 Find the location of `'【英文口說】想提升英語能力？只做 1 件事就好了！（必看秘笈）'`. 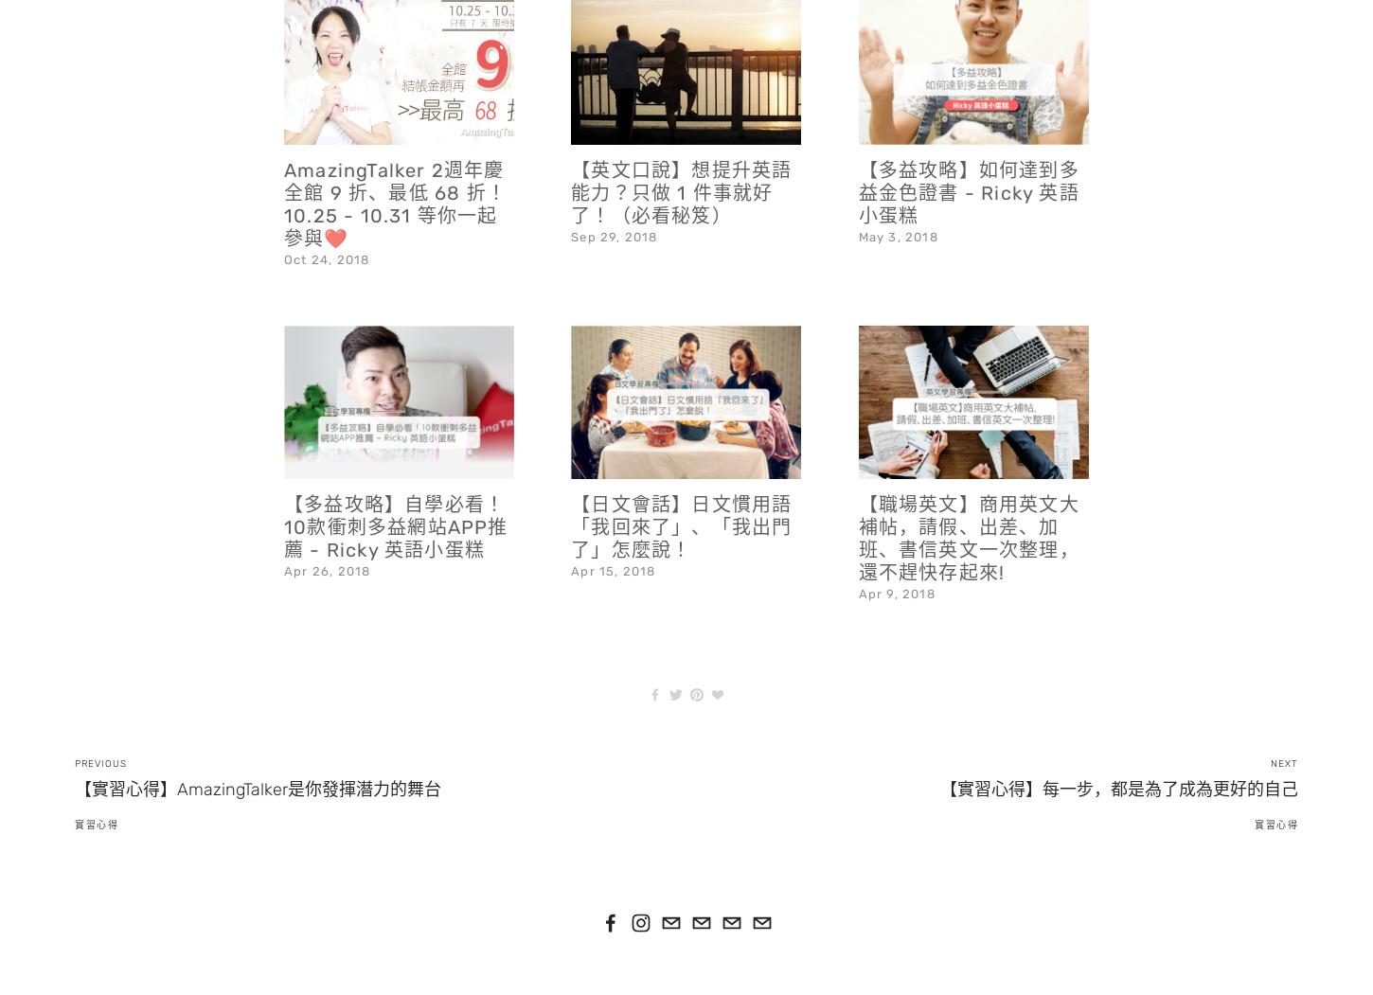

'【英文口說】想提升英語能力？只做 1 件事就好了！（必看秘笈）' is located at coordinates (680, 142).